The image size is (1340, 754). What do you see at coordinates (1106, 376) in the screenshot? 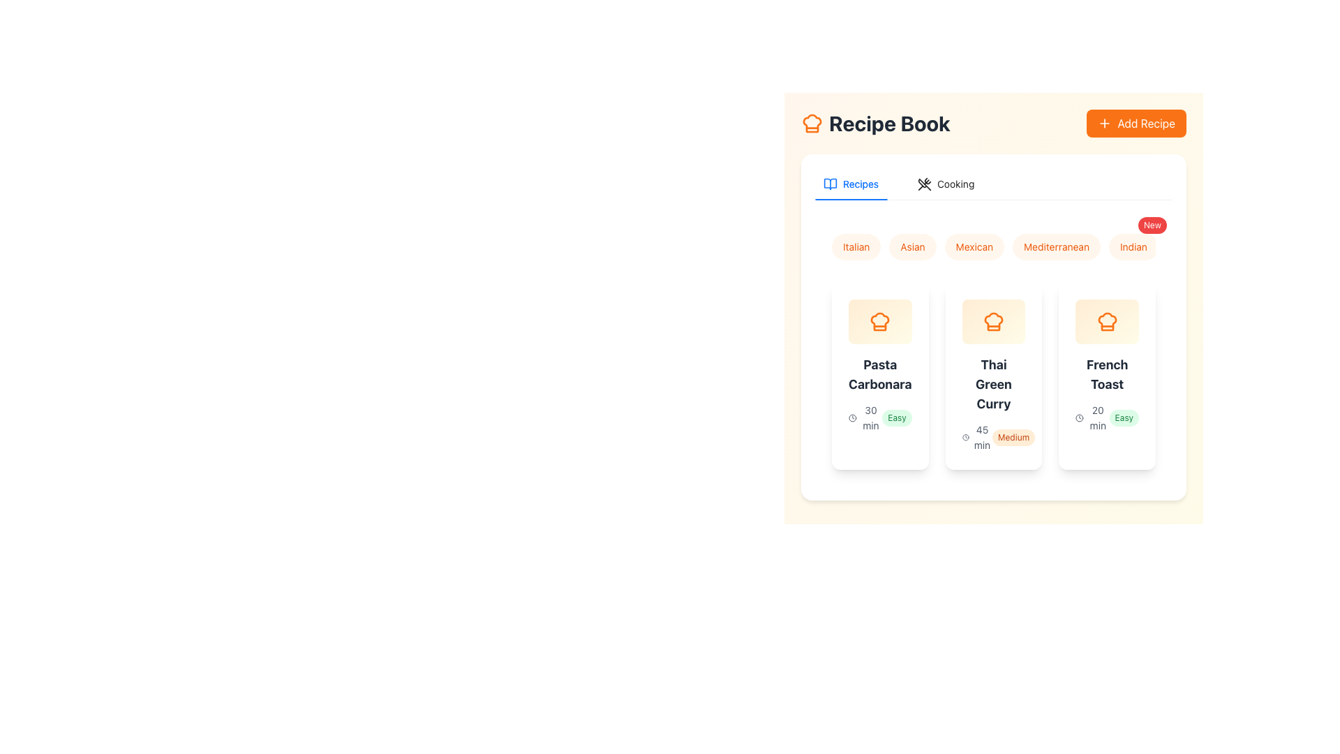
I see `the 'French Toast' recipe card` at bounding box center [1106, 376].